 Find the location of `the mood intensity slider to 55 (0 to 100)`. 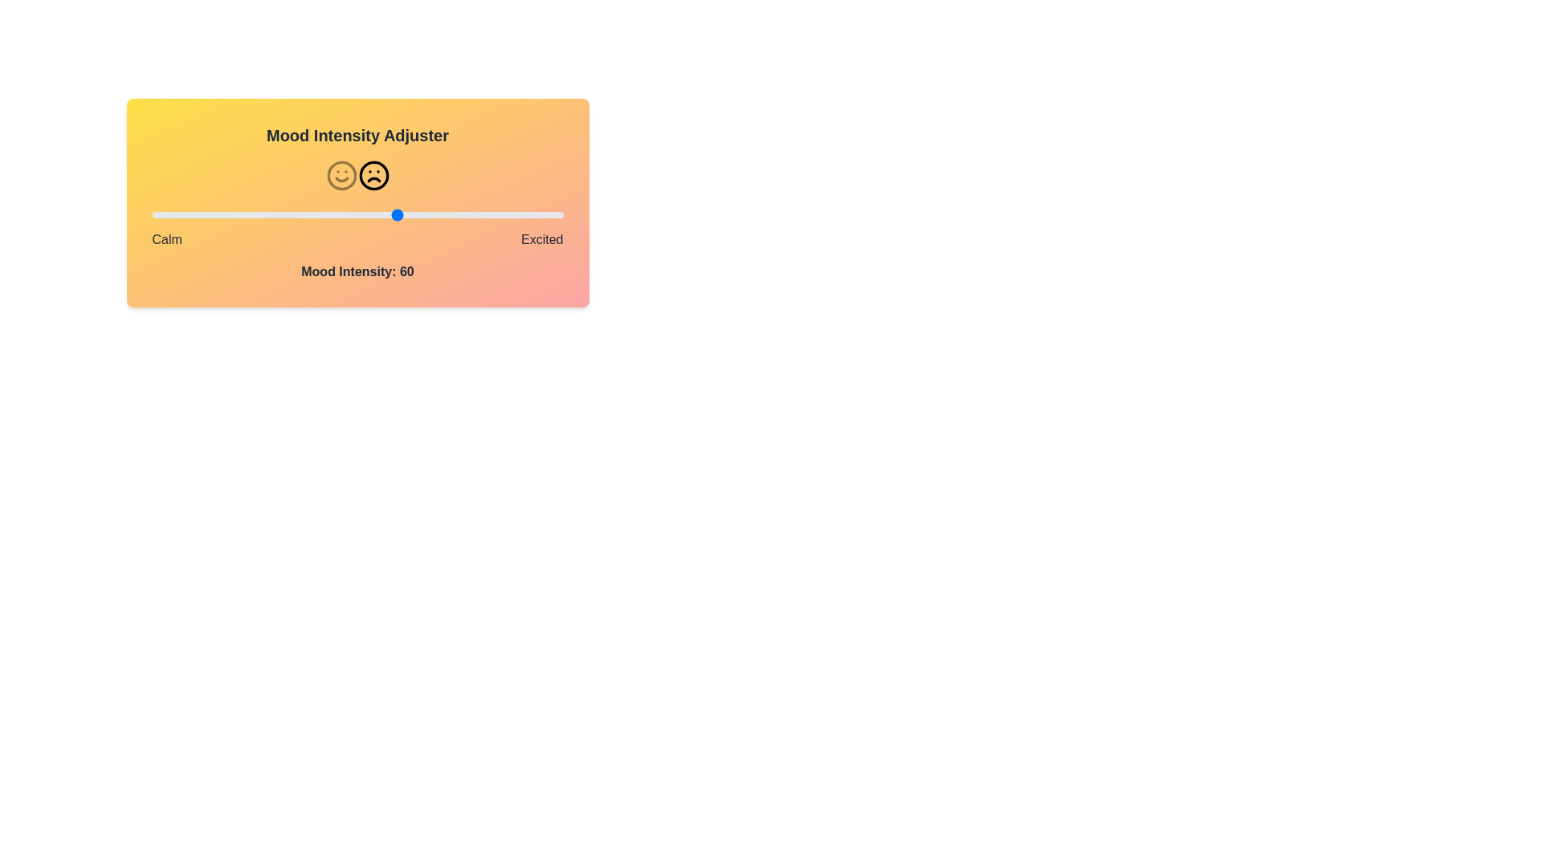

the mood intensity slider to 55 (0 to 100) is located at coordinates (377, 214).